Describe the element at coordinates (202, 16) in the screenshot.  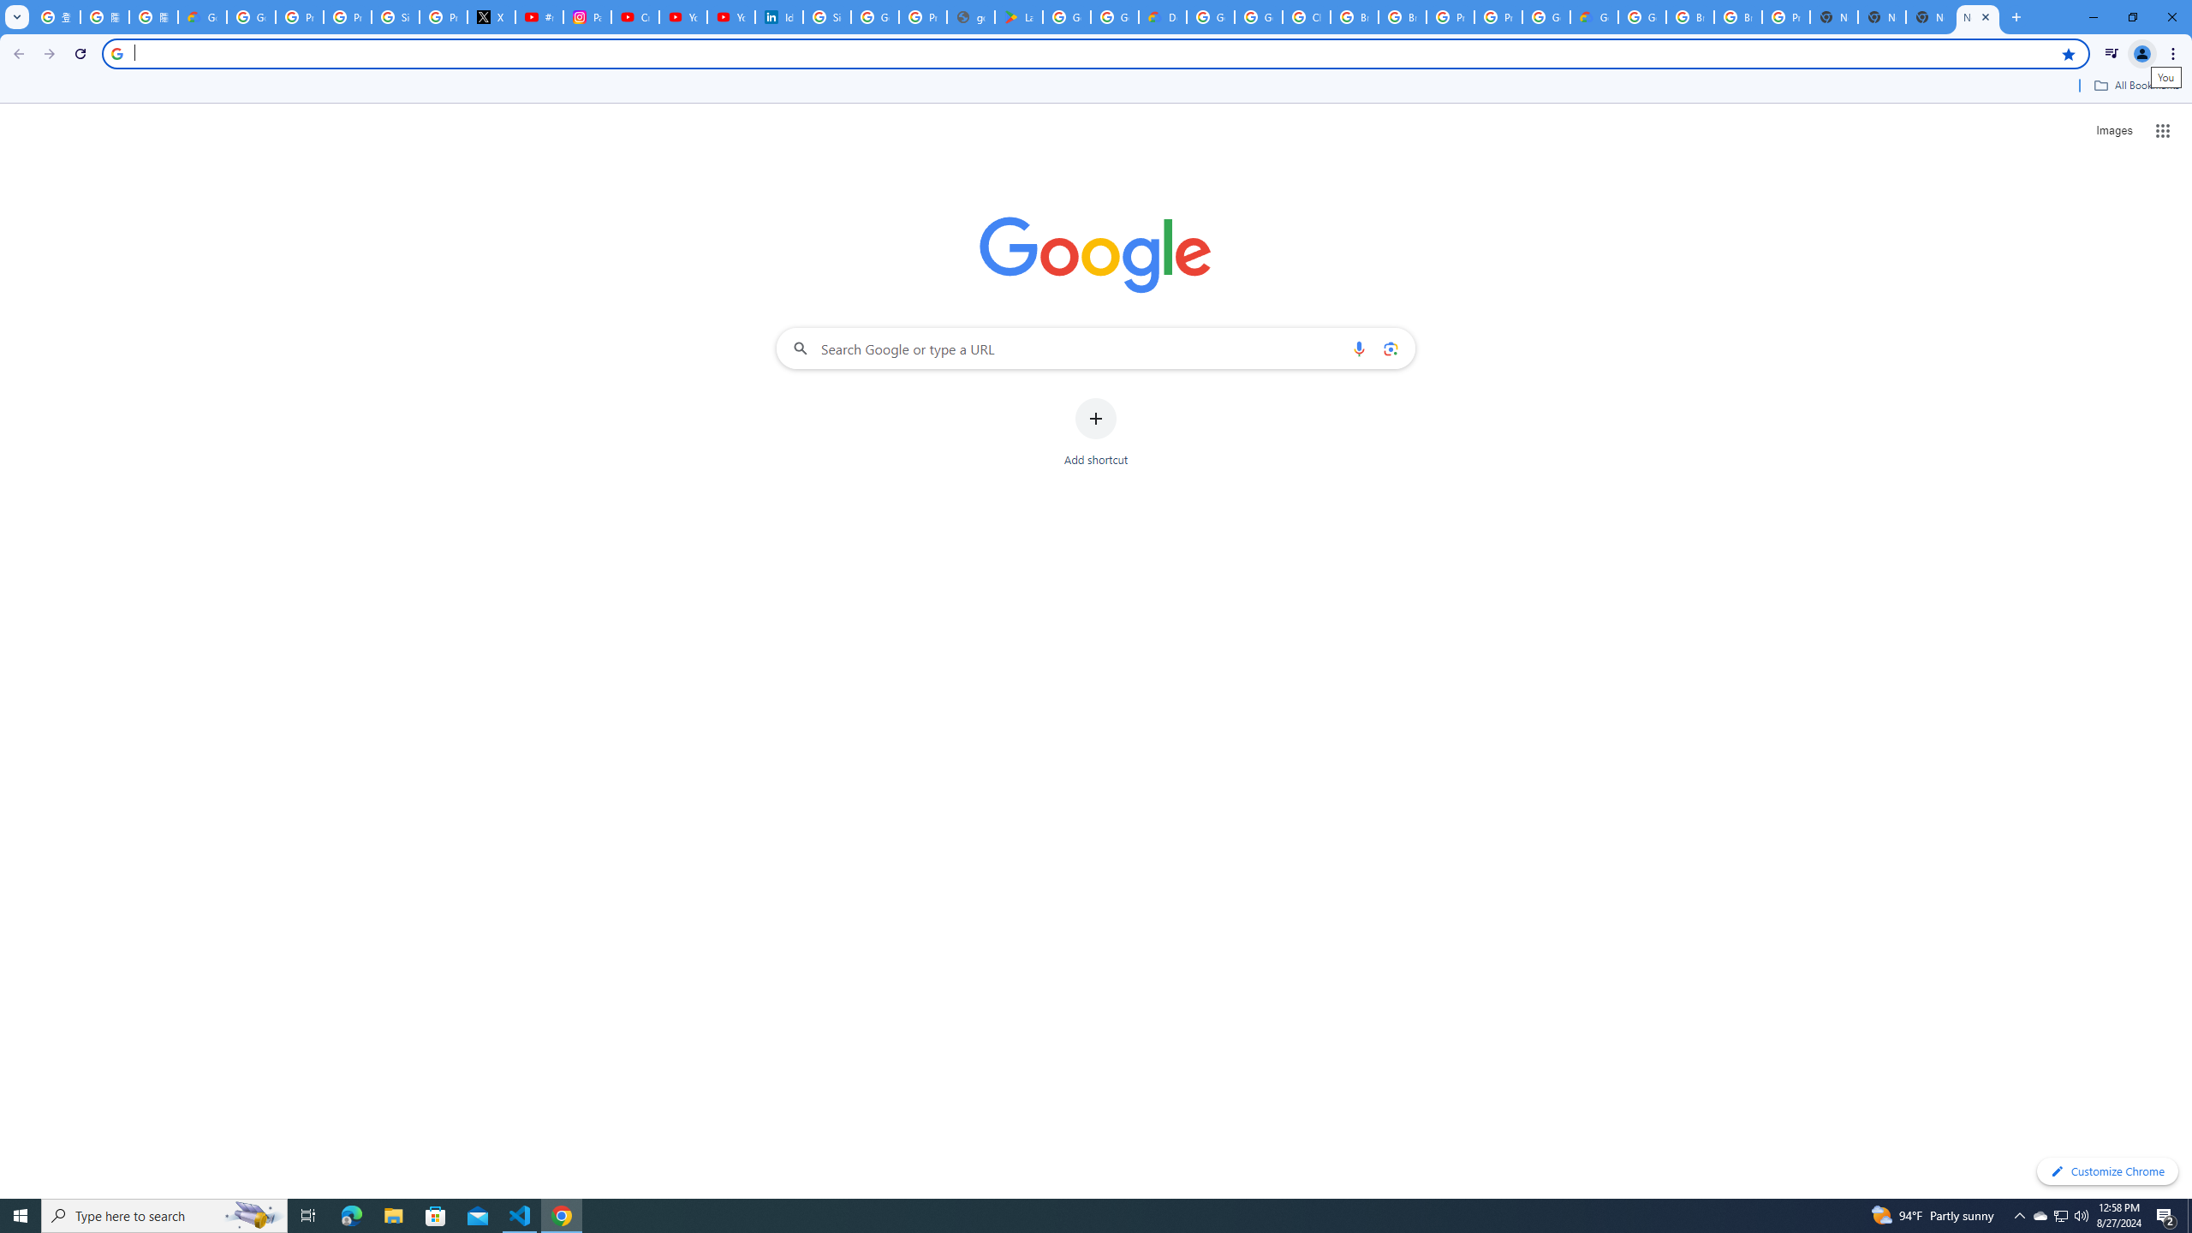
I see `'Google Cloud Privacy Notice'` at that location.